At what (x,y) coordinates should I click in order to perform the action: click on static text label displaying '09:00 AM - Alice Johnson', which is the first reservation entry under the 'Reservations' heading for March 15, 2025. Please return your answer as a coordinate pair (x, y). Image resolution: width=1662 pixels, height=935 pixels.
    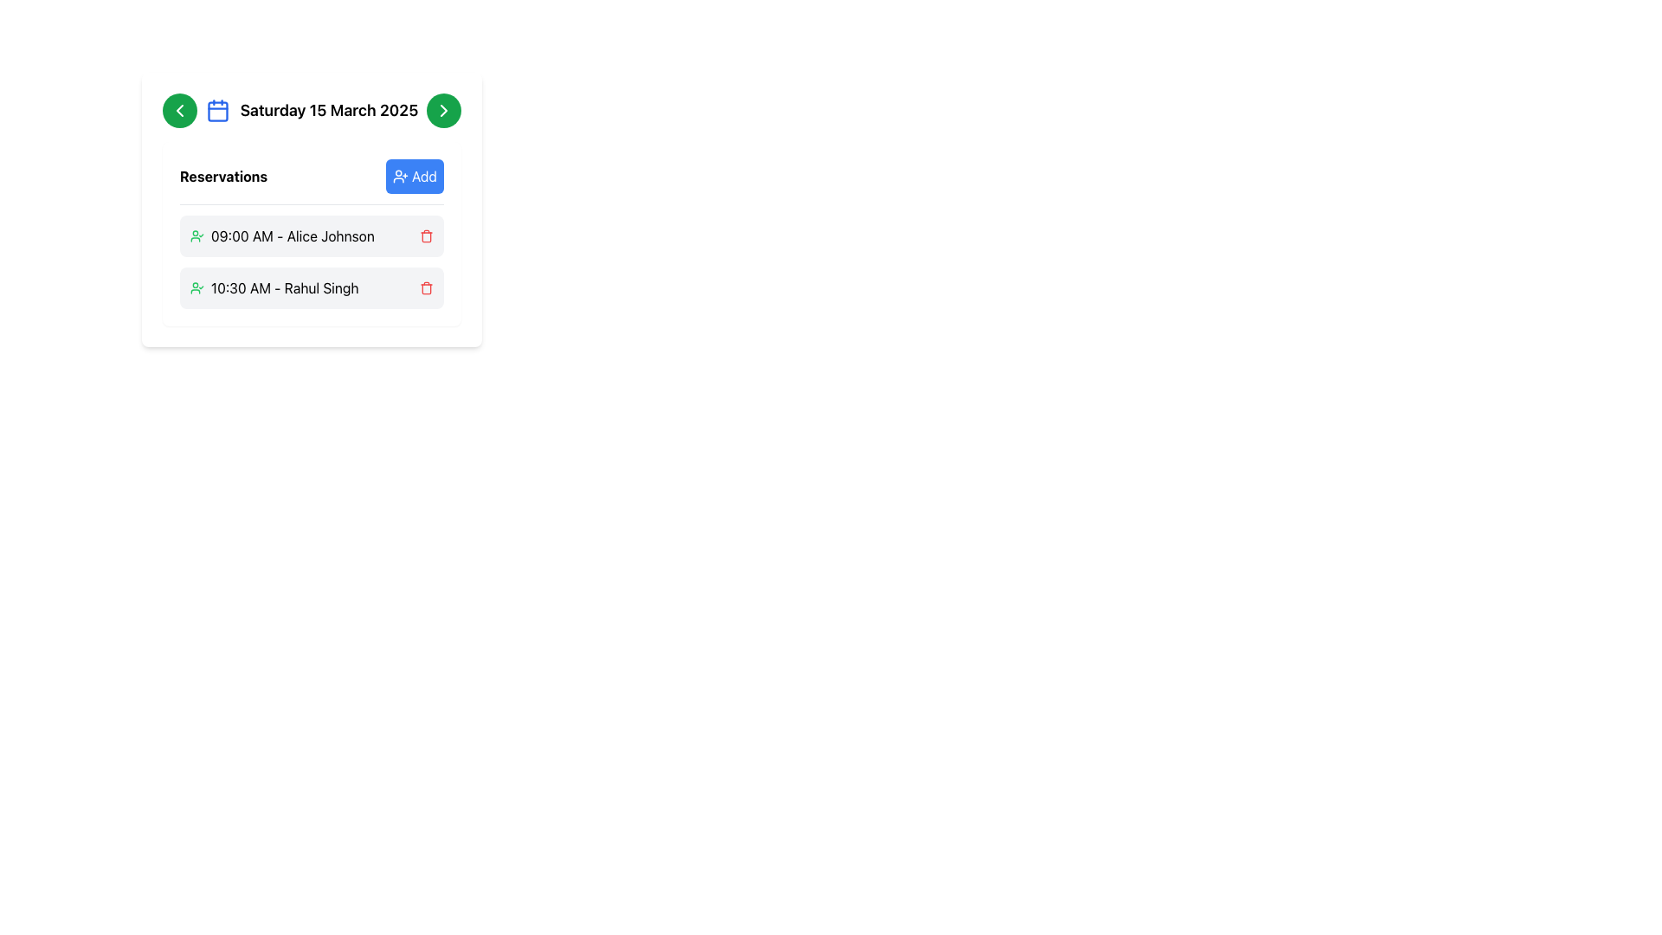
    Looking at the image, I should click on (293, 236).